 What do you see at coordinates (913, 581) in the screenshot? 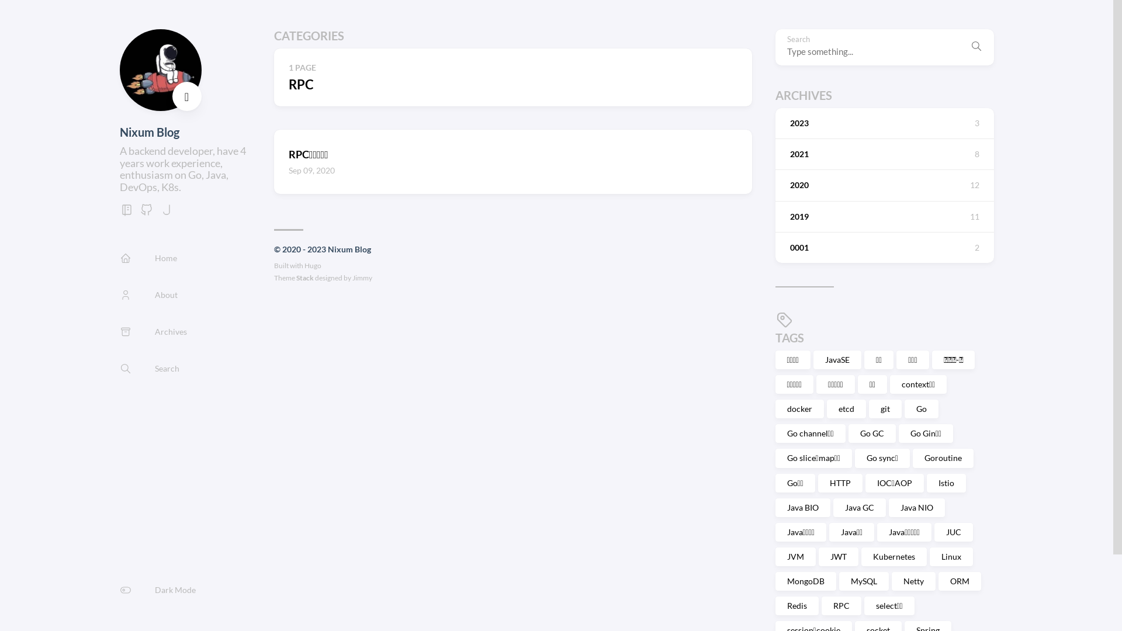
I see `'Netty'` at bounding box center [913, 581].